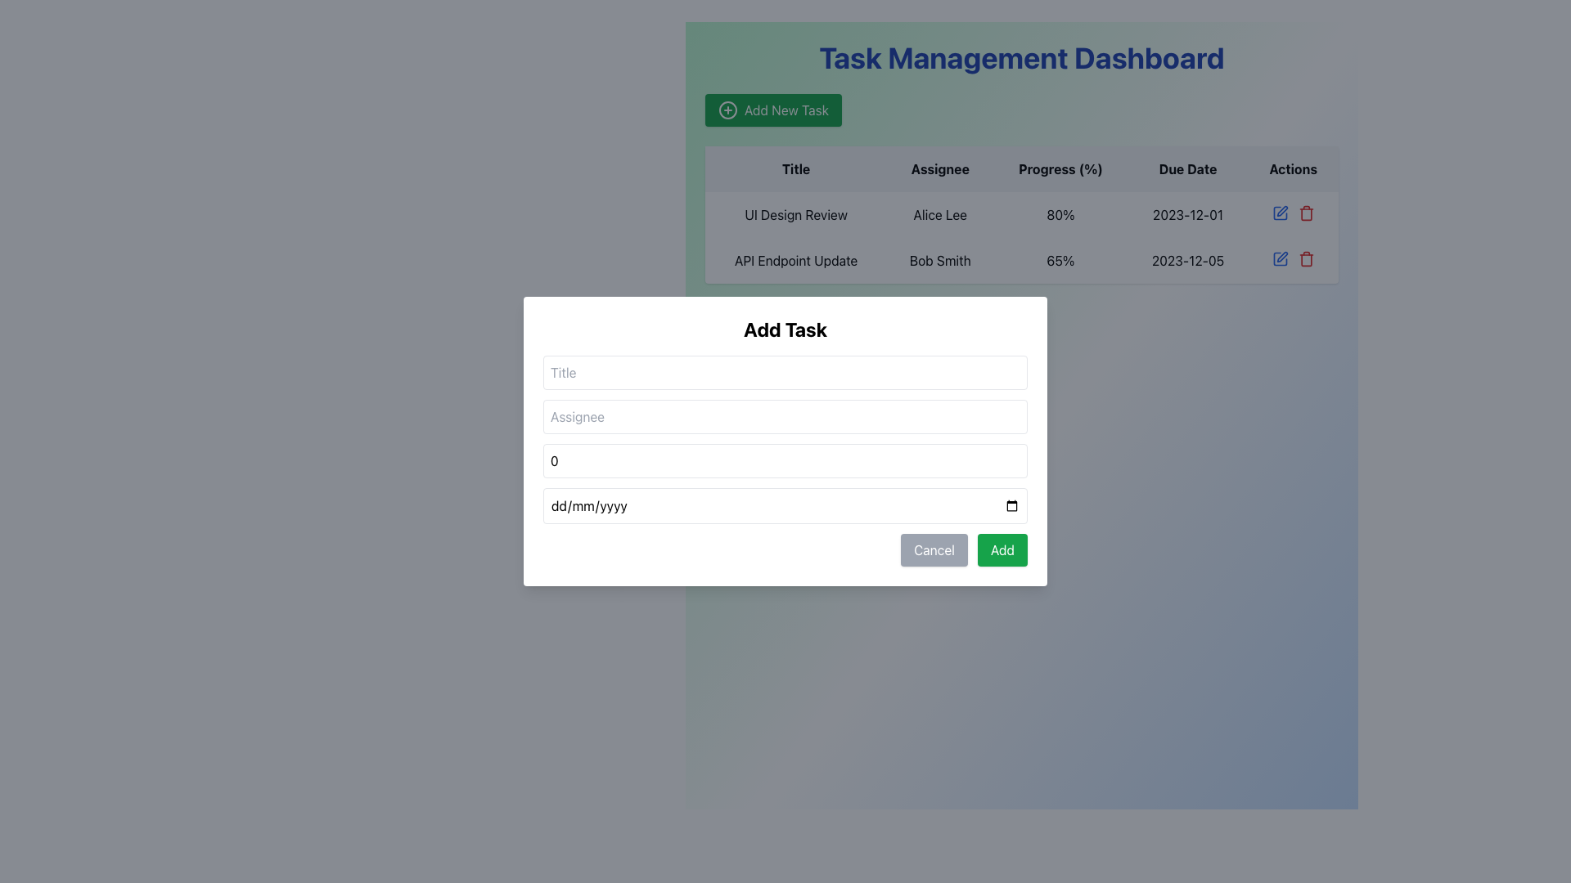 The image size is (1571, 883). What do you see at coordinates (785, 372) in the screenshot?
I see `the title input field located in the 'Add Task' modal dialog to focus on it` at bounding box center [785, 372].